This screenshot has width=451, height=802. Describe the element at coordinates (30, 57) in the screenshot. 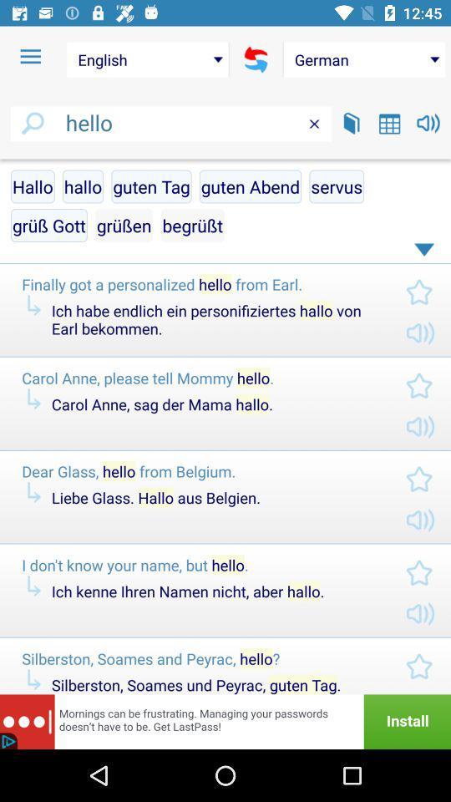

I see `icon above hello icon` at that location.